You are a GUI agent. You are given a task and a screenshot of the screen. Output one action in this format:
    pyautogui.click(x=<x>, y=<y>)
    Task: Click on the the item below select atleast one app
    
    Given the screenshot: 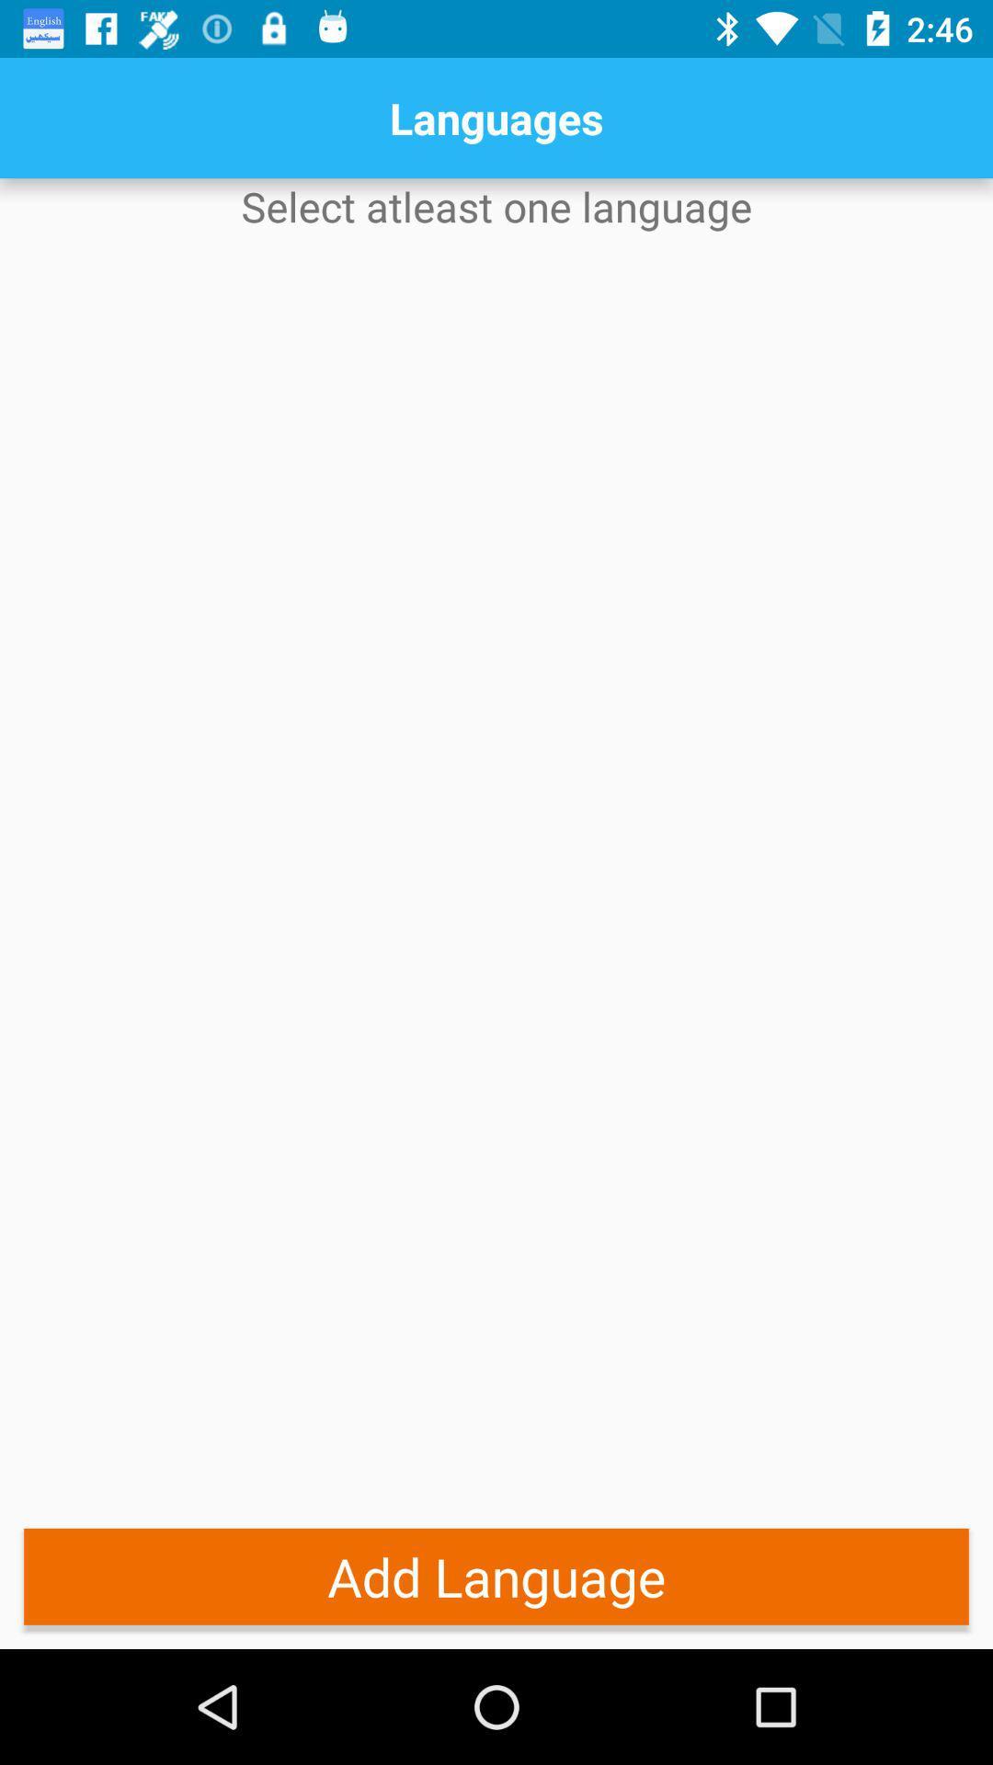 What is the action you would take?
    pyautogui.click(x=496, y=1576)
    